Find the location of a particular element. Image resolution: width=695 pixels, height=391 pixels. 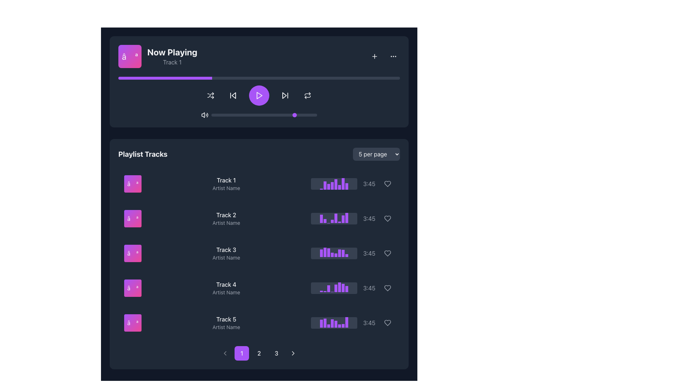

the fourth bar in the bar chart that represents a metric in the playlist interface is located at coordinates (332, 323).